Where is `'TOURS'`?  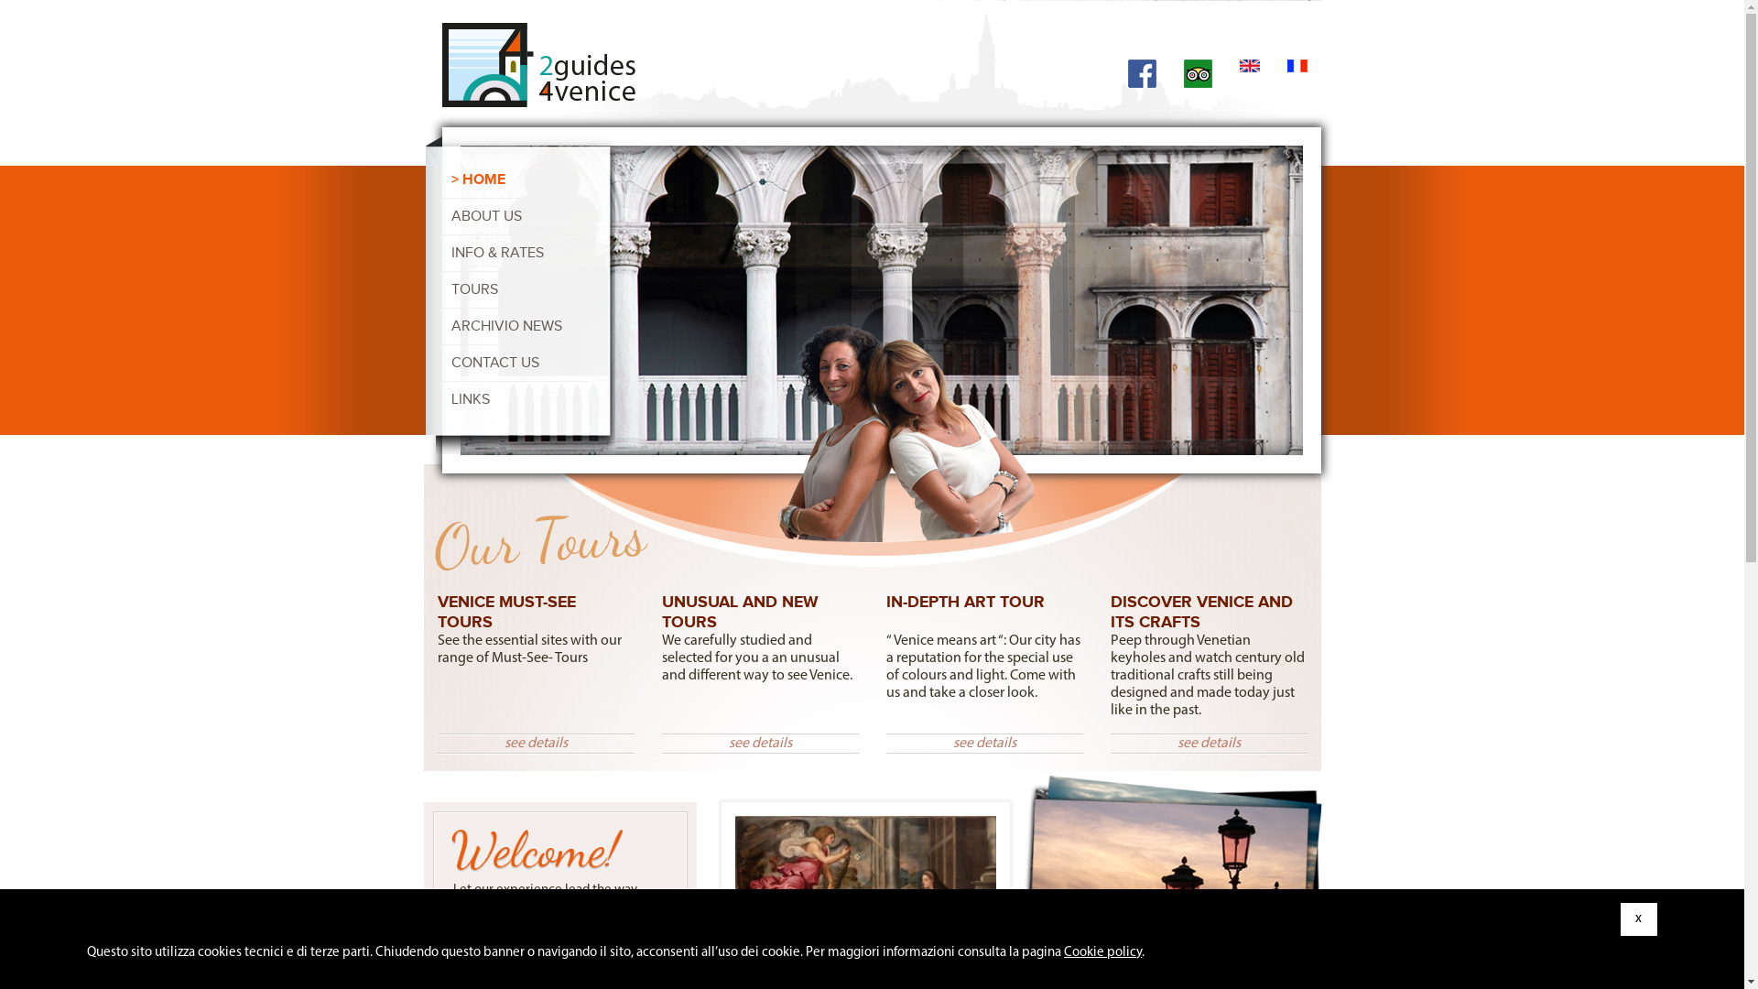 'TOURS' is located at coordinates (473, 288).